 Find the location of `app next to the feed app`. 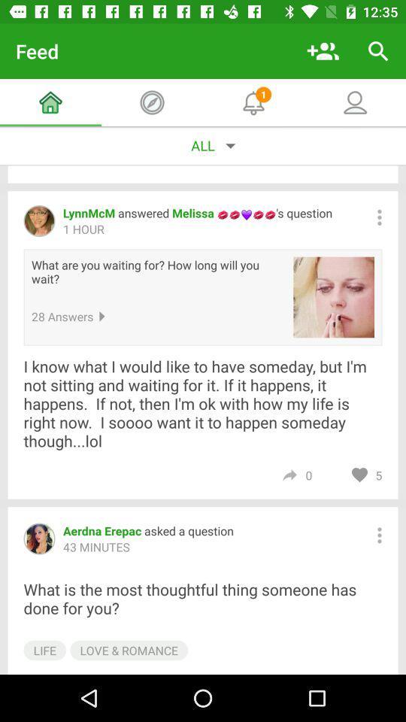

app next to the feed app is located at coordinates (322, 51).